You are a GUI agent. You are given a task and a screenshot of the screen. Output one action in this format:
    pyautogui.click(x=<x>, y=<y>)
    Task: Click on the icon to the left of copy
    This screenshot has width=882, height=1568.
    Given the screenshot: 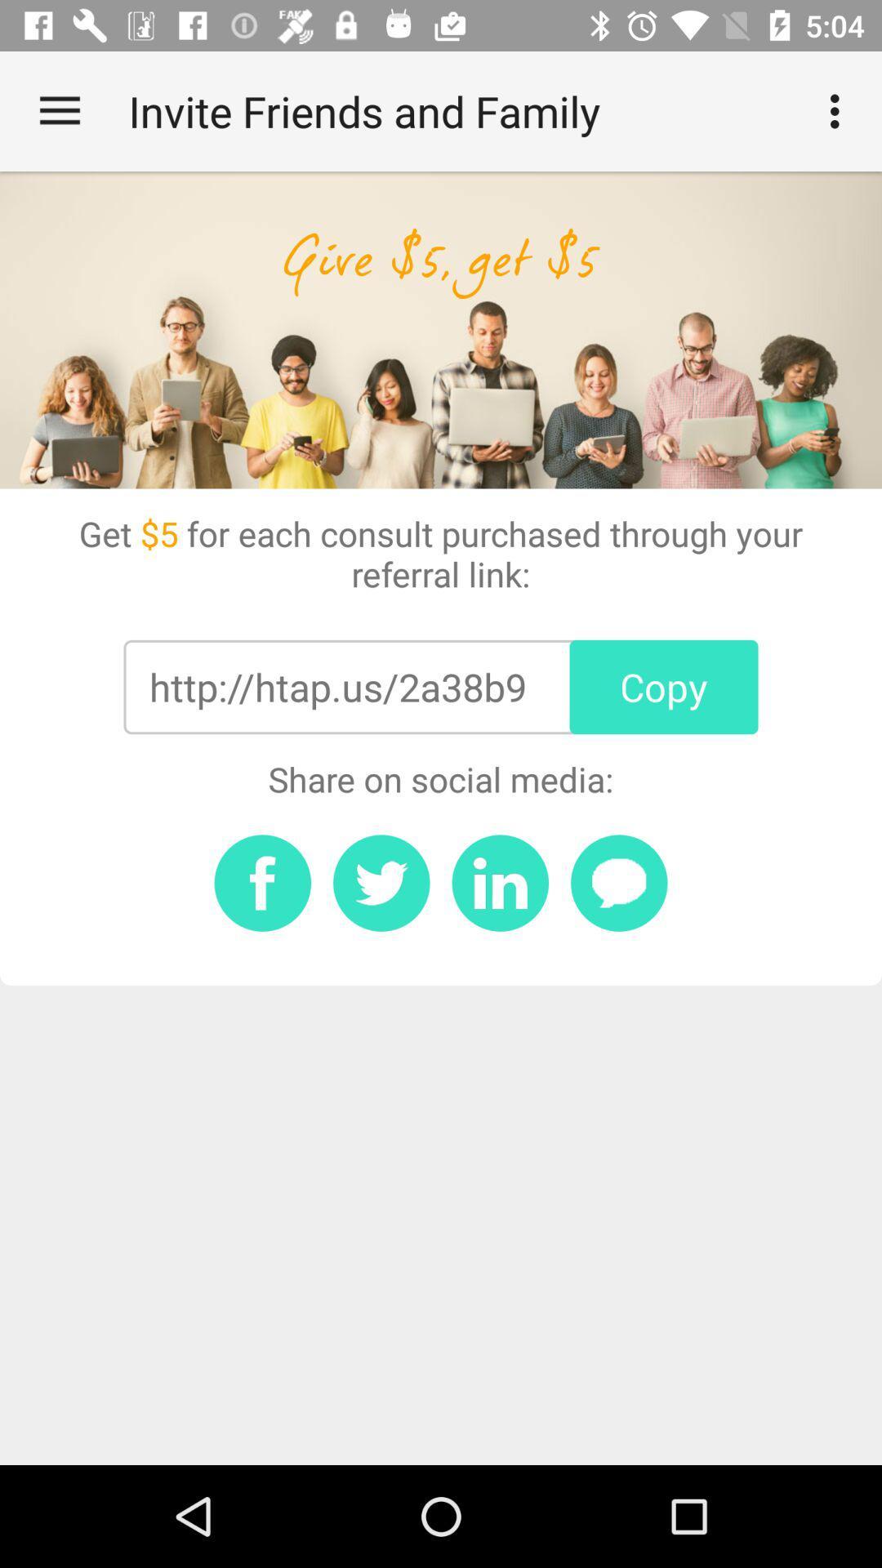 What is the action you would take?
    pyautogui.click(x=336, y=687)
    